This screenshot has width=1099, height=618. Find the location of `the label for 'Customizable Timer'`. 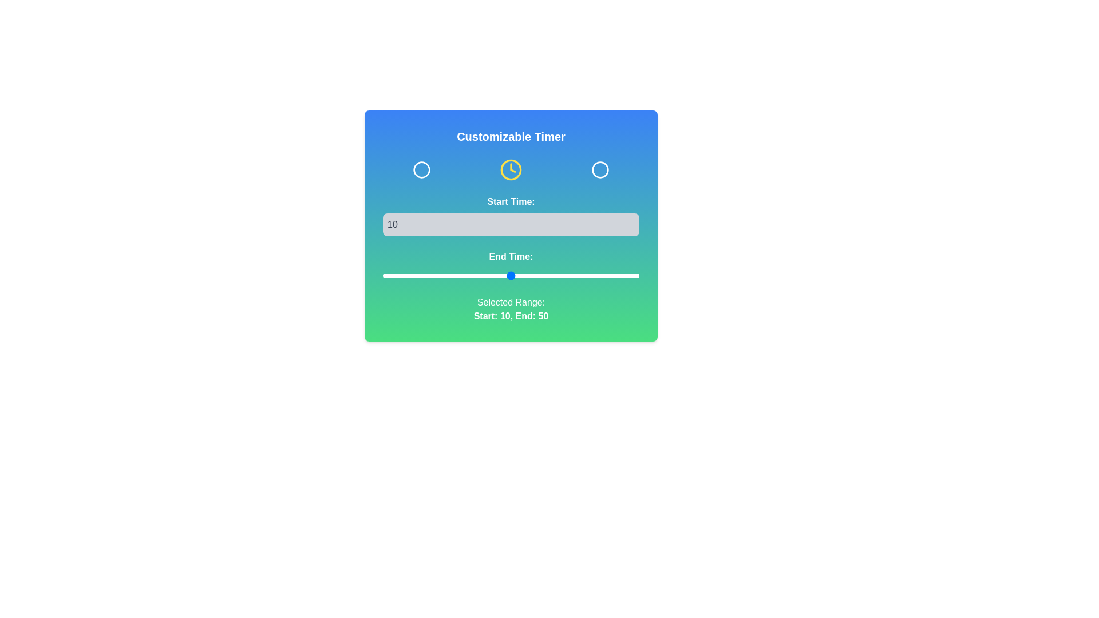

the label for 'Customizable Timer' is located at coordinates (510, 216).